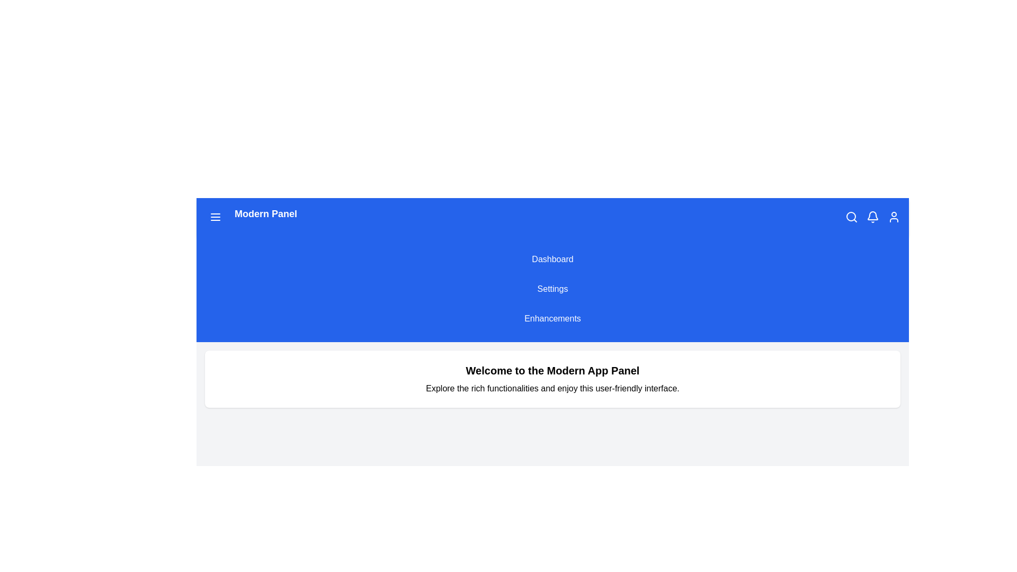 The image size is (1017, 572). I want to click on the bell icon to check notifications, so click(872, 216).